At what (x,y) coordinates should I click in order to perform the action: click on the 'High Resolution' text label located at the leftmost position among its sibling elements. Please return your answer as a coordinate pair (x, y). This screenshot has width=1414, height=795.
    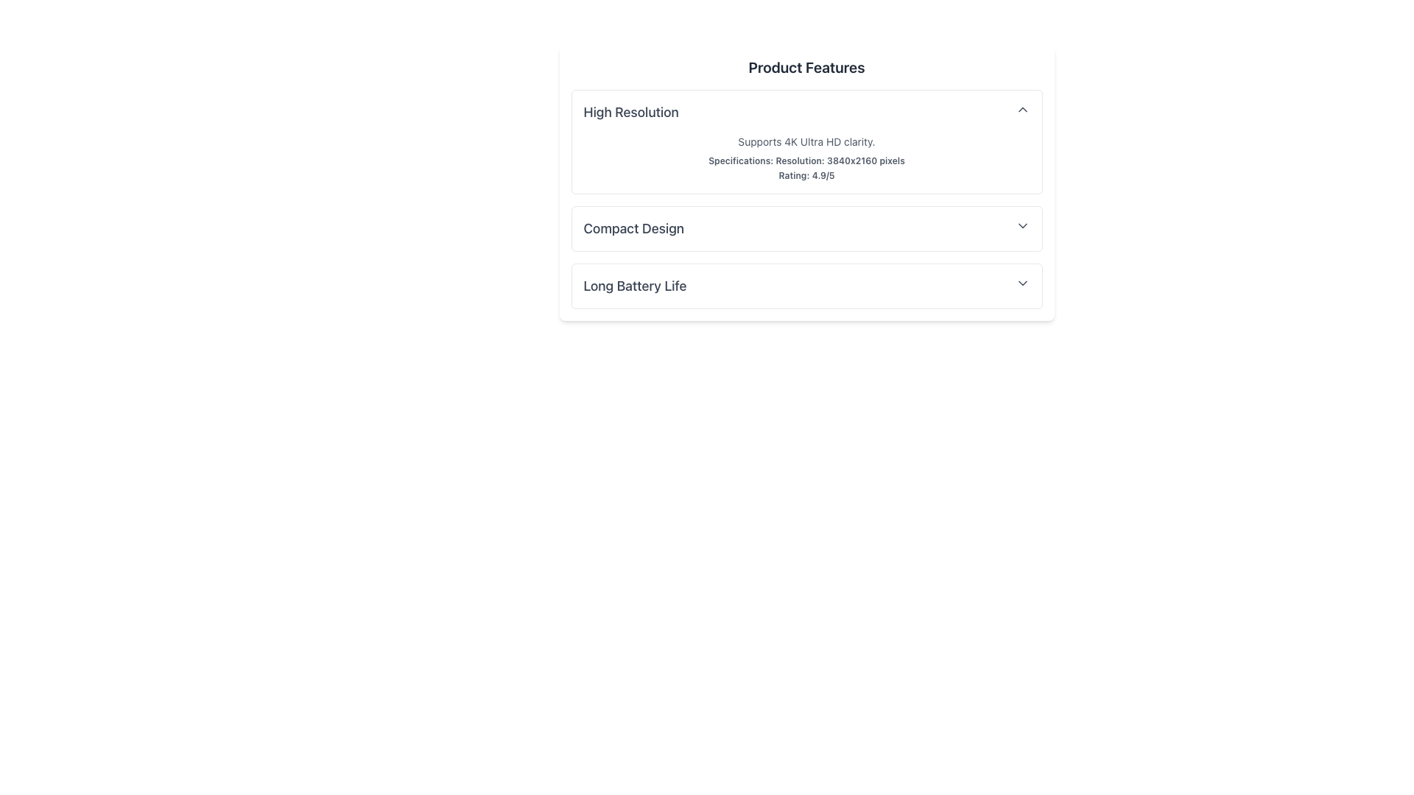
    Looking at the image, I should click on (631, 112).